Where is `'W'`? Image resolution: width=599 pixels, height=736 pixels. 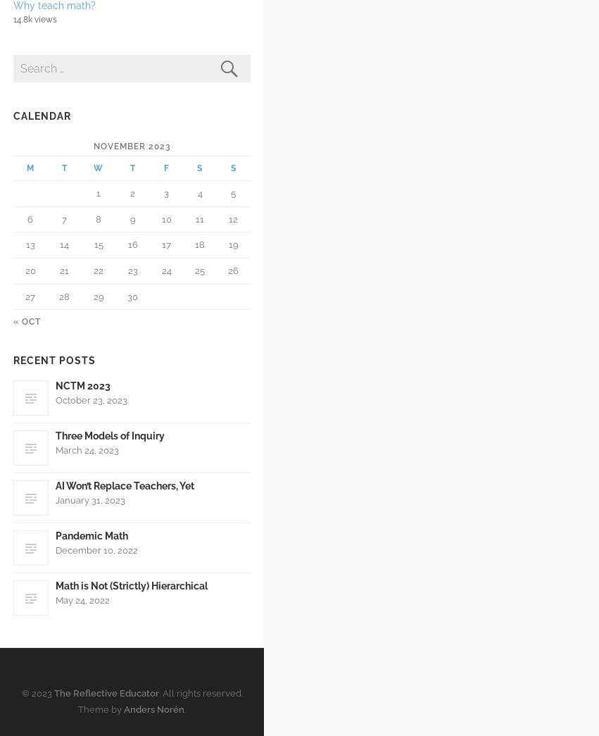 'W' is located at coordinates (98, 167).